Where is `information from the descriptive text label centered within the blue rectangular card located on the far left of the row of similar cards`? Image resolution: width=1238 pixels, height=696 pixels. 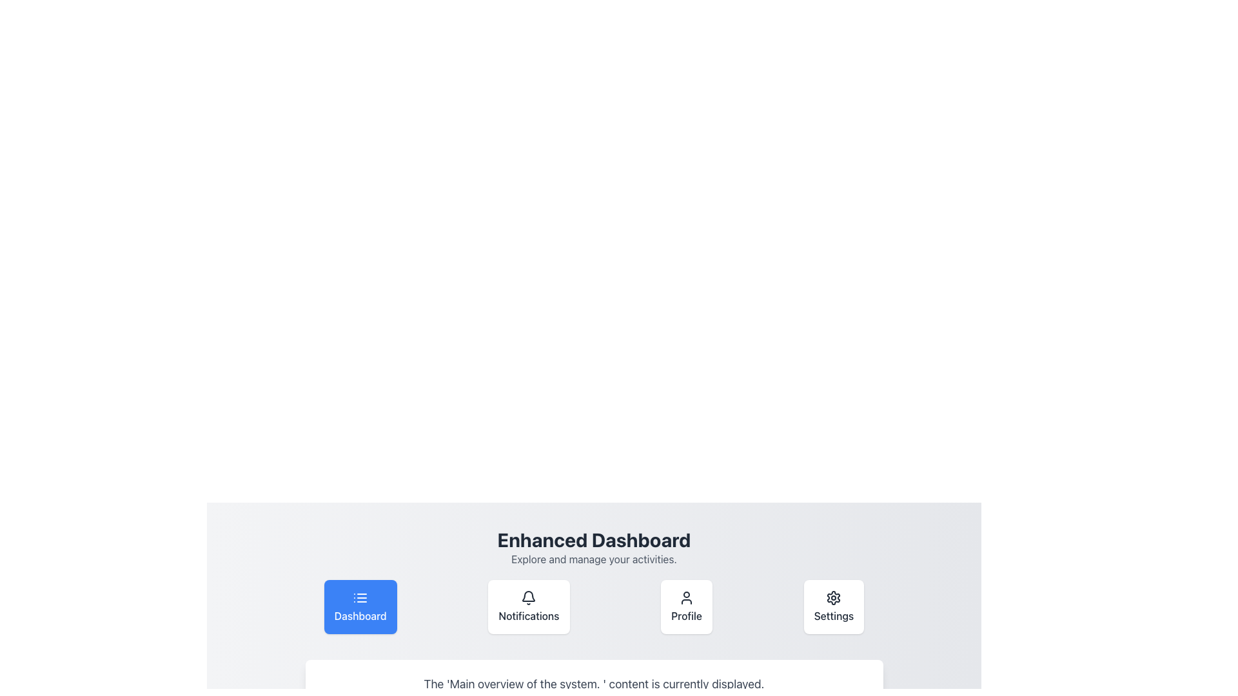 information from the descriptive text label centered within the blue rectangular card located on the far left of the row of similar cards is located at coordinates (360, 615).